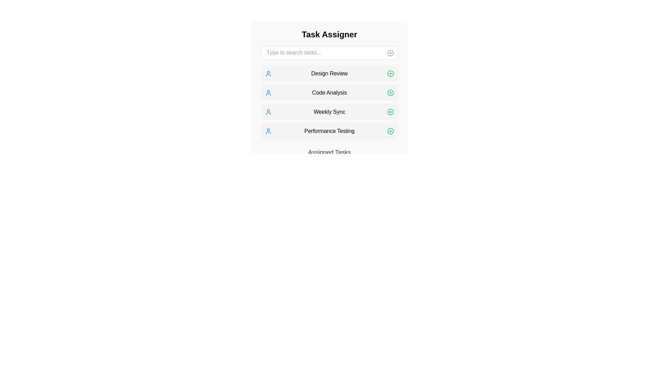  I want to click on the SVG Circle graphic element located at the upper right corner of the search input field, which signifies additional functionality related to searching or adding tasks, so click(390, 52).